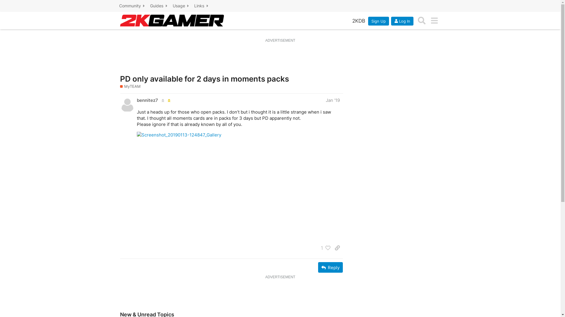  What do you see at coordinates (378, 20) in the screenshot?
I see `'Sign Up'` at bounding box center [378, 20].